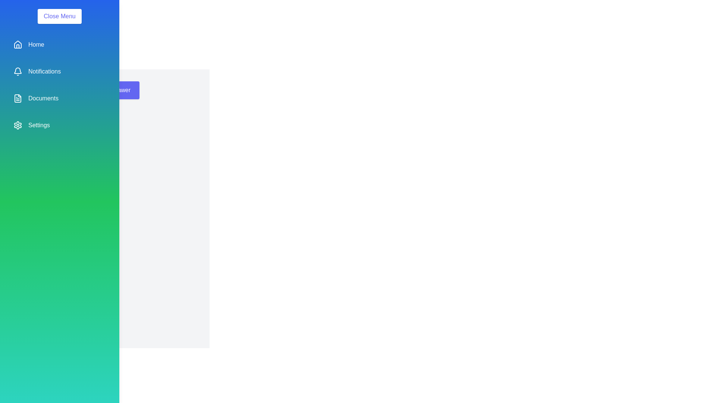  What do you see at coordinates (59, 125) in the screenshot?
I see `the menu item Settings to observe the hover effect` at bounding box center [59, 125].